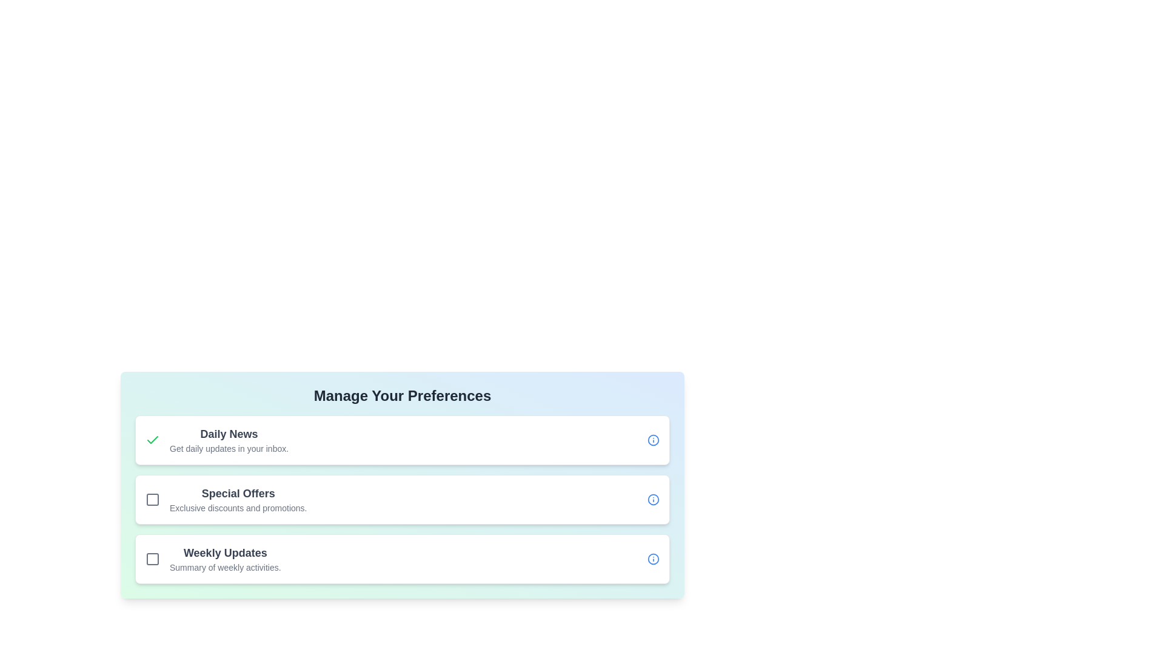  I want to click on the SVG Circle which is part of the informational icon located at the right end of the 'Special Offers' row in the preference selection list UI, so click(653, 500).